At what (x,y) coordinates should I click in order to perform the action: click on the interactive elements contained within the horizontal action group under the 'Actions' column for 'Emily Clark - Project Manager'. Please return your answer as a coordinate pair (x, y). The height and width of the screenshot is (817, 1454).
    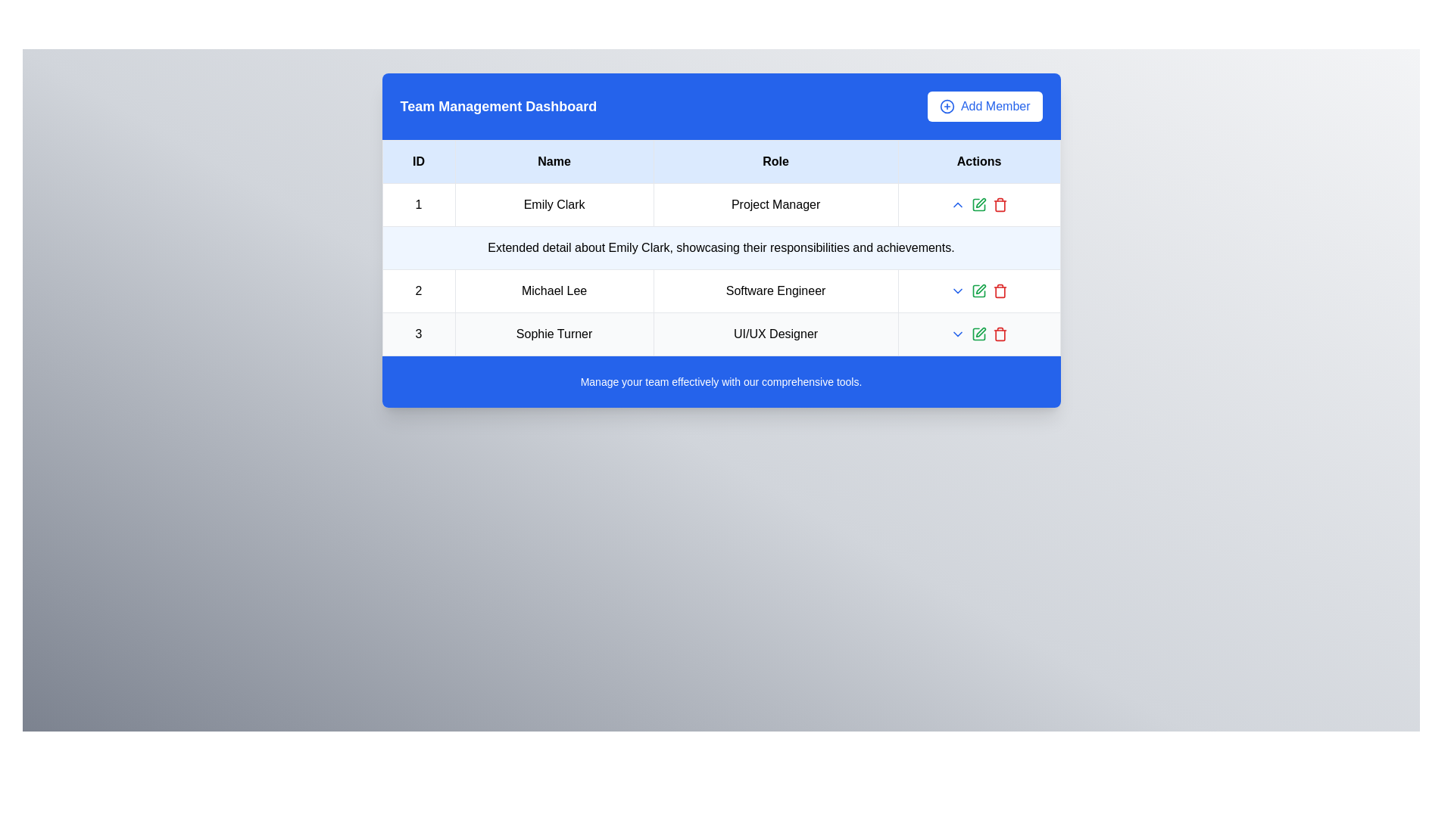
    Looking at the image, I should click on (979, 204).